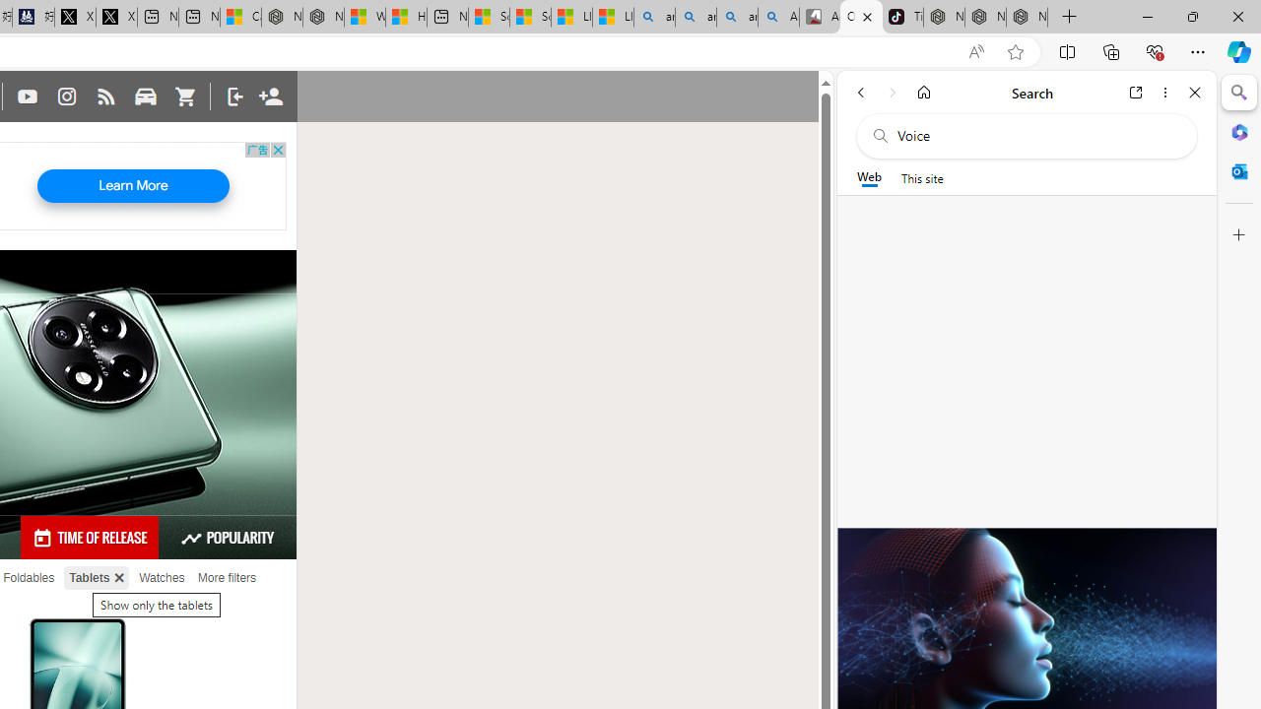 Image resolution: width=1261 pixels, height=709 pixels. What do you see at coordinates (227, 577) in the screenshot?
I see `'More filters'` at bounding box center [227, 577].